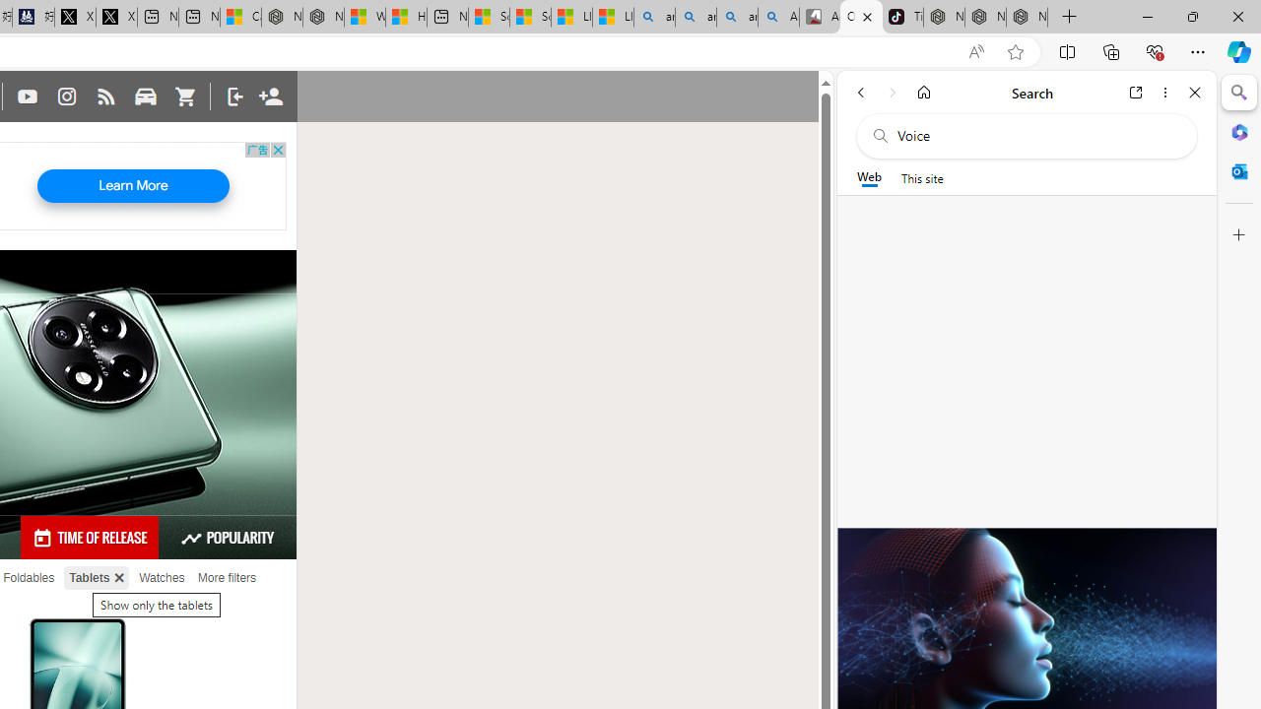 Image resolution: width=1261 pixels, height=709 pixels. What do you see at coordinates (227, 577) in the screenshot?
I see `'More filters'` at bounding box center [227, 577].